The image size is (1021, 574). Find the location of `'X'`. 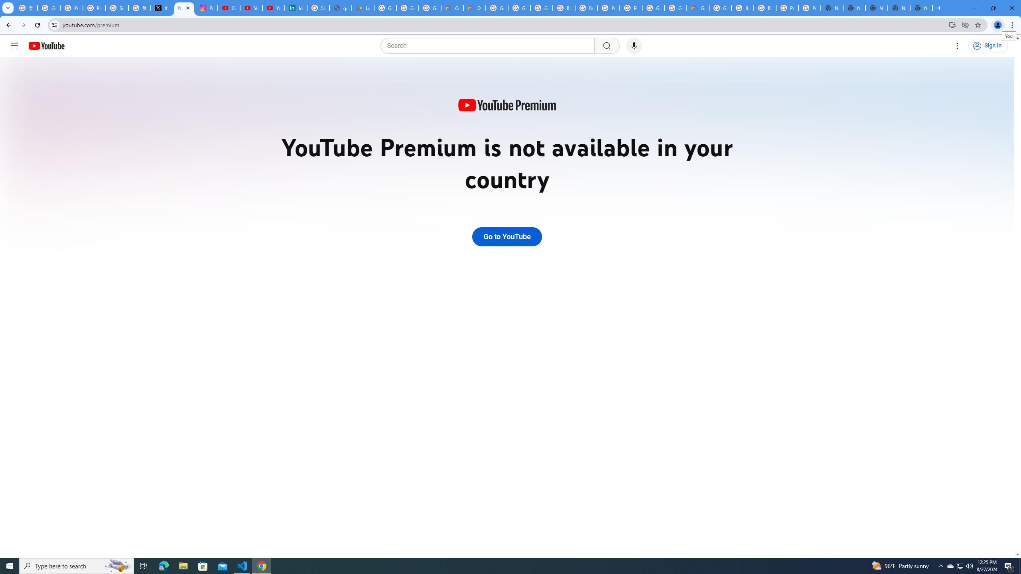

'X' is located at coordinates (161, 8).